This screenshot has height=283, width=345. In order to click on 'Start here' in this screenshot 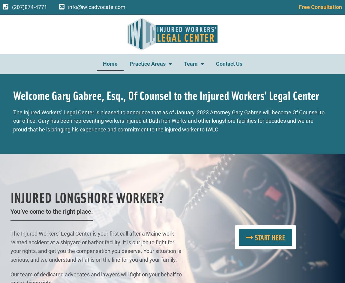, I will do `click(269, 237)`.